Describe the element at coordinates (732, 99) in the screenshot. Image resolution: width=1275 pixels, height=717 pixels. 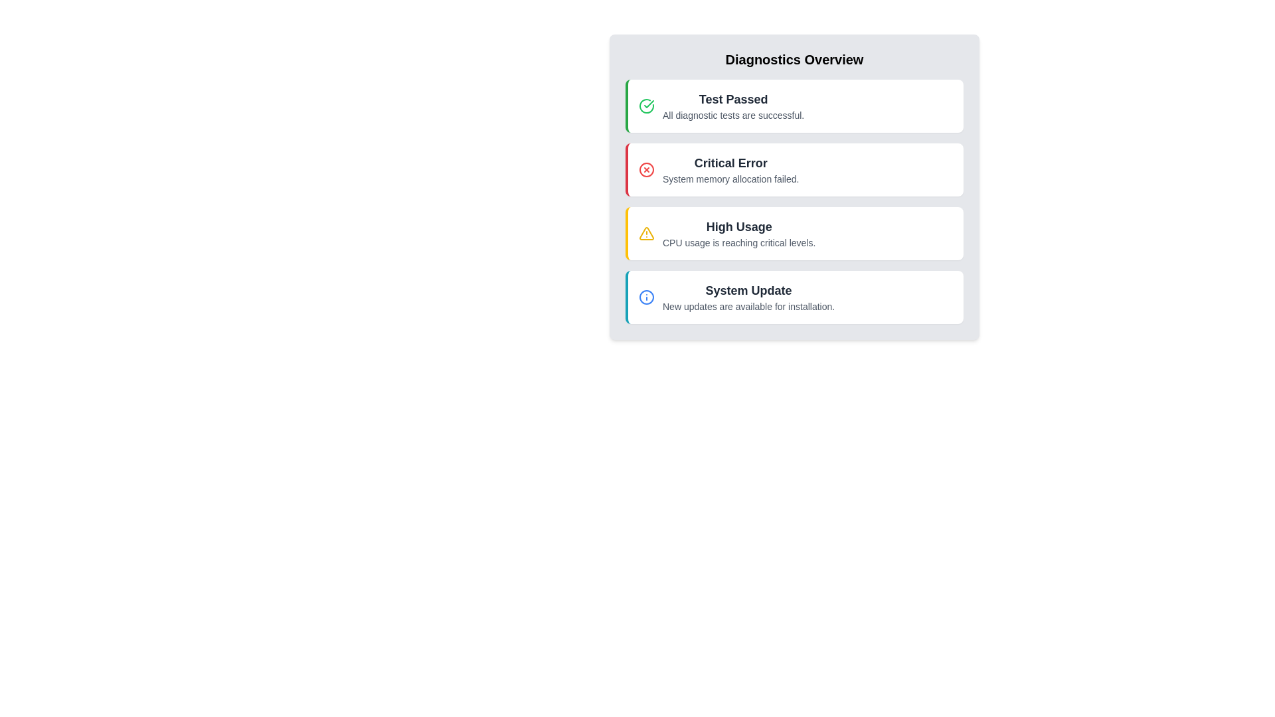
I see `the bold text label that reads 'Test Passed', prominently displayed at the top of the diagnostic information section` at that location.